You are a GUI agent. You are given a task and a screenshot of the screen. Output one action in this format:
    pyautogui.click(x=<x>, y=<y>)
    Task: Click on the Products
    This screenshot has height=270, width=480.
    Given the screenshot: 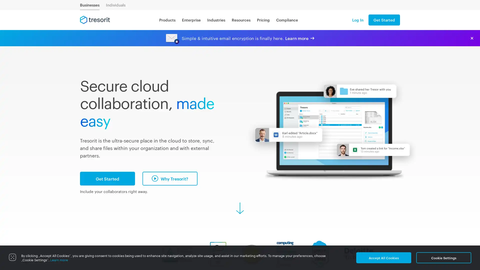 What is the action you would take?
    pyautogui.click(x=167, y=20)
    